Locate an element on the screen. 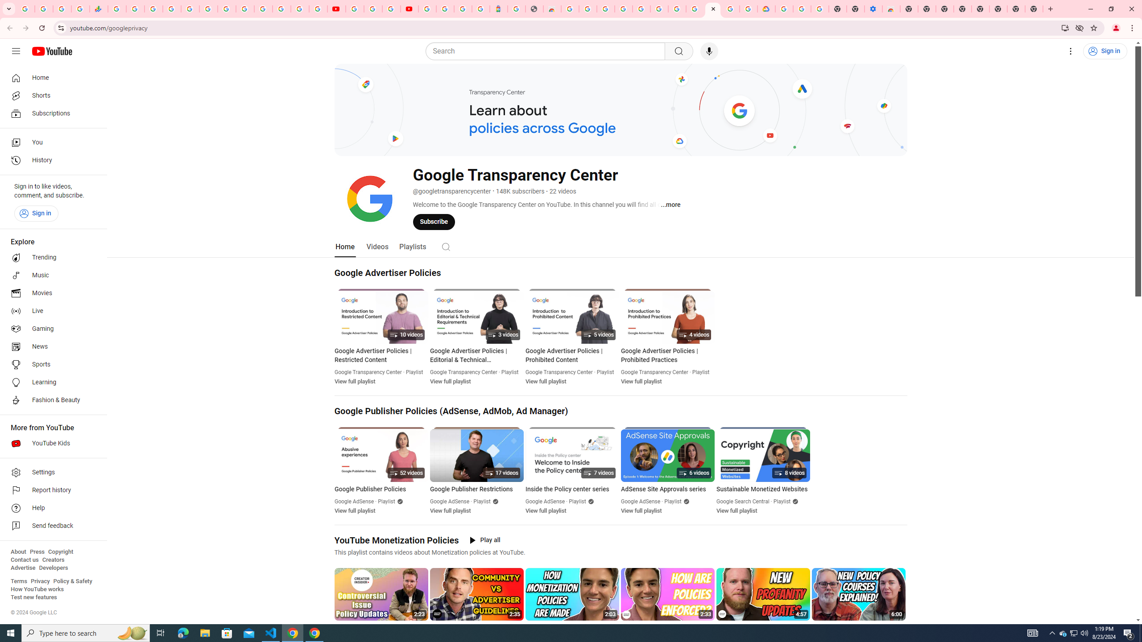 This screenshot has height=642, width=1142. 'YouTube Home' is located at coordinates (51, 51).